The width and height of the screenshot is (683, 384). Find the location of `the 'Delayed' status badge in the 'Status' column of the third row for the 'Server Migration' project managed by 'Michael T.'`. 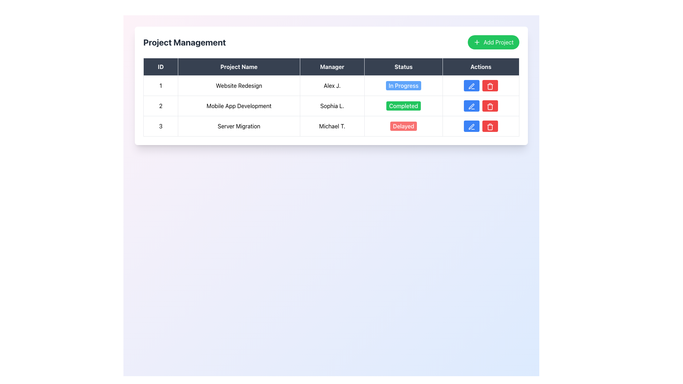

the 'Delayed' status badge in the 'Status' column of the third row for the 'Server Migration' project managed by 'Michael T.' is located at coordinates (403, 126).